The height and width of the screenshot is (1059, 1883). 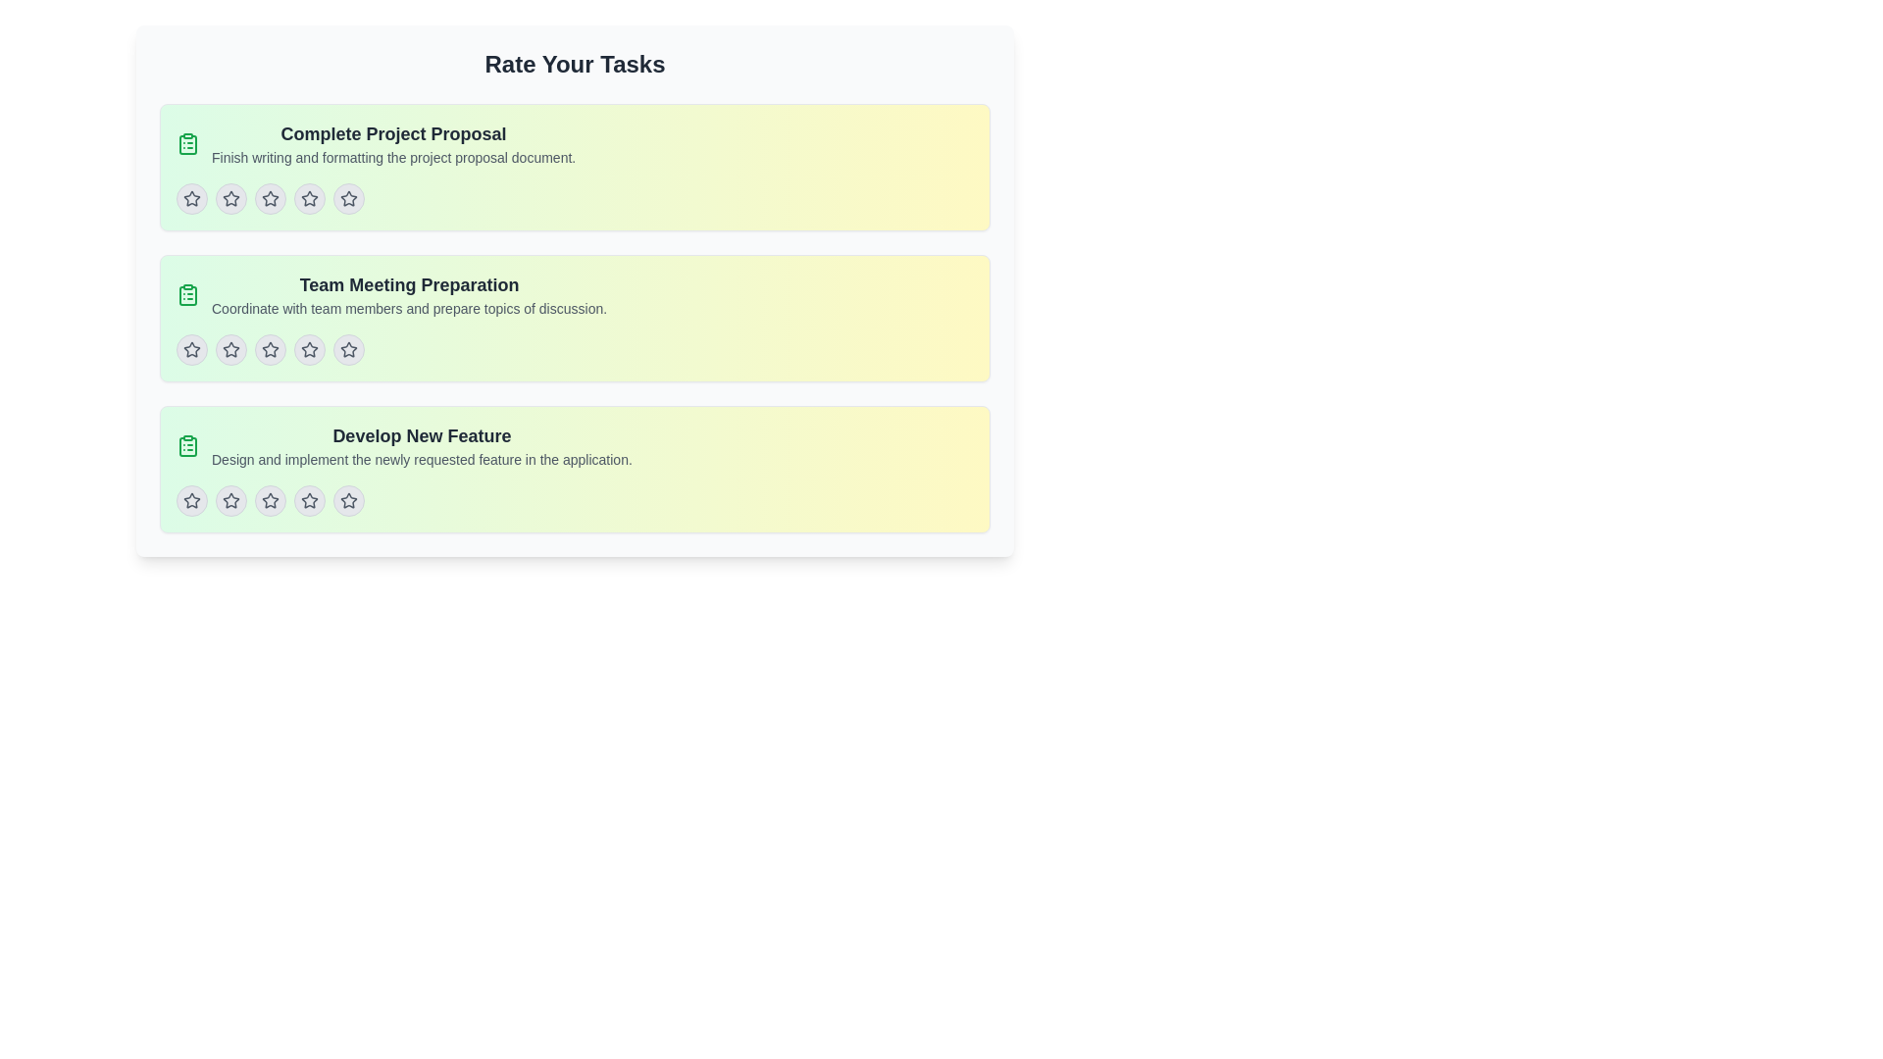 I want to click on the second star icon with a gray background and border in the horizontal row of rating stars for the 'Complete Project Proposal' task, so click(x=230, y=199).